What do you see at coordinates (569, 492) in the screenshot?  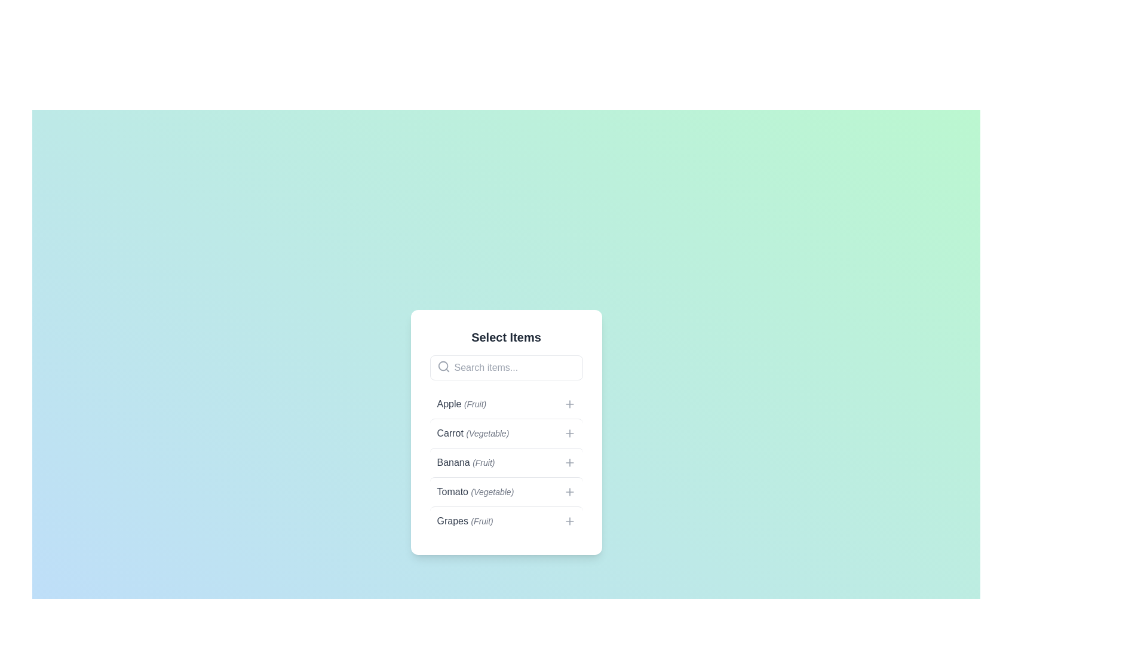 I see `the button located to the far right of the 'Tomato (Vegetable)' label` at bounding box center [569, 492].